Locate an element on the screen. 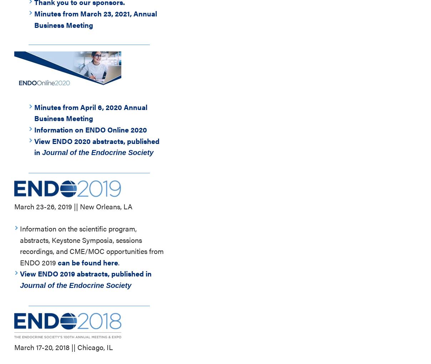  'March 17-20, 2018 || Chicago, IL' is located at coordinates (64, 346).